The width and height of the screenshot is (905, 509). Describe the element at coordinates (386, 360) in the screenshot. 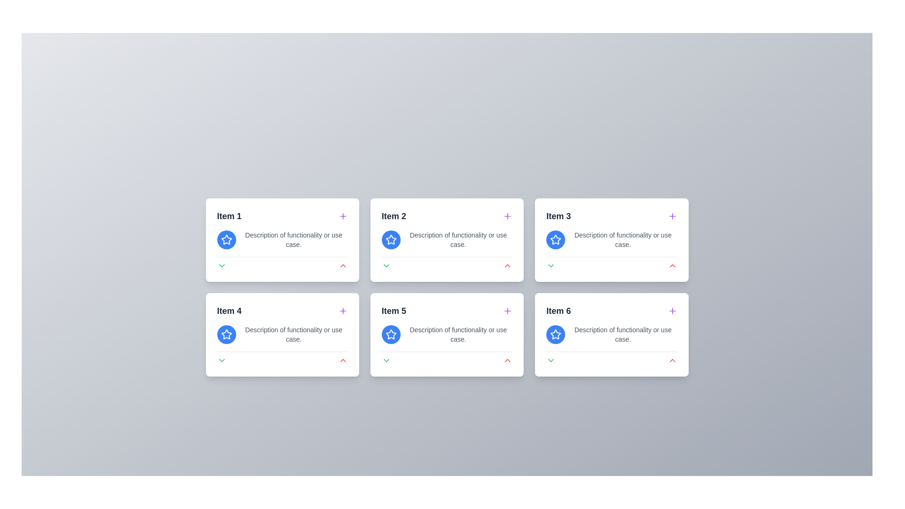

I see `the green downward chevron button` at that location.